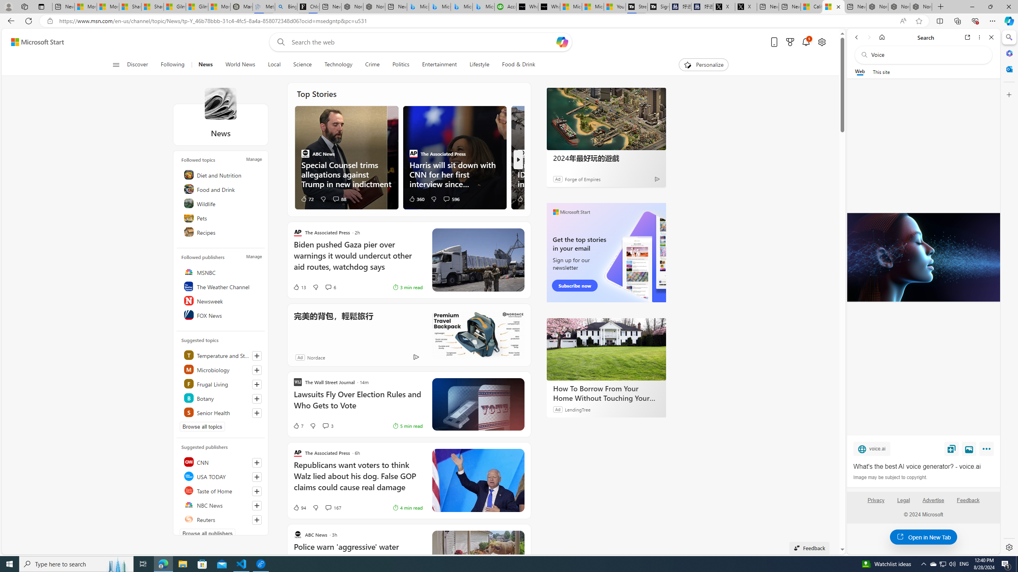  I want to click on 'View comments 167 Comment', so click(332, 508).